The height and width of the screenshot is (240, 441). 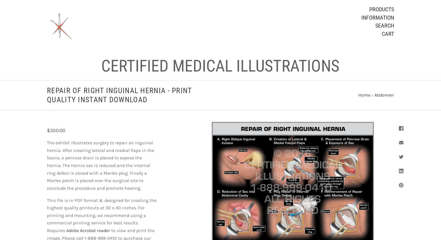 I want to click on 'Search', so click(x=385, y=25).